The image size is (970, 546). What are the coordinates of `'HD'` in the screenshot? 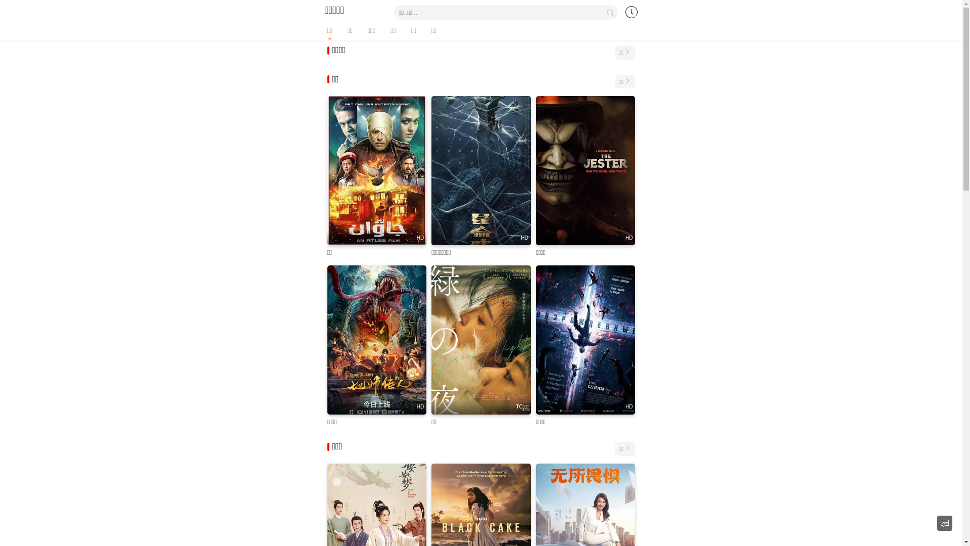 It's located at (376, 170).